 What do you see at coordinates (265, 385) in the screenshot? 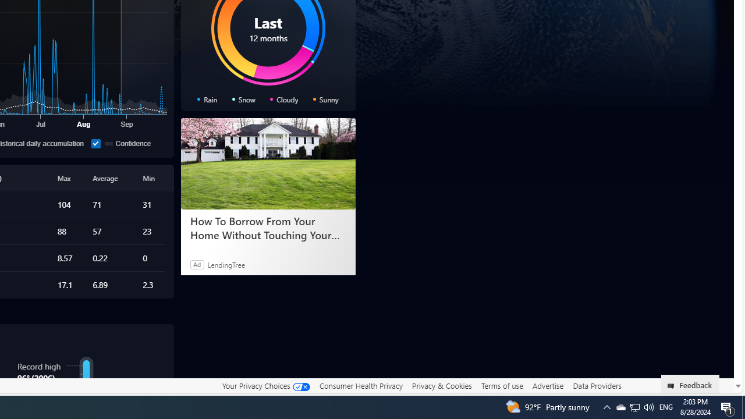
I see `'Your Privacy Choices'` at bounding box center [265, 385].